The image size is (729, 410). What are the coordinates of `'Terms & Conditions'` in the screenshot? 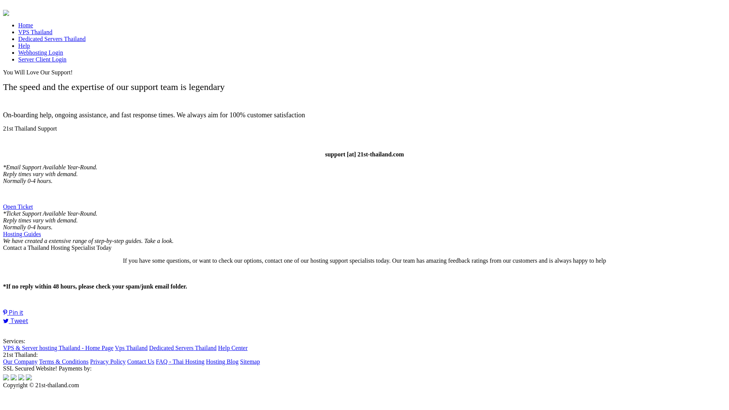 It's located at (64, 361).